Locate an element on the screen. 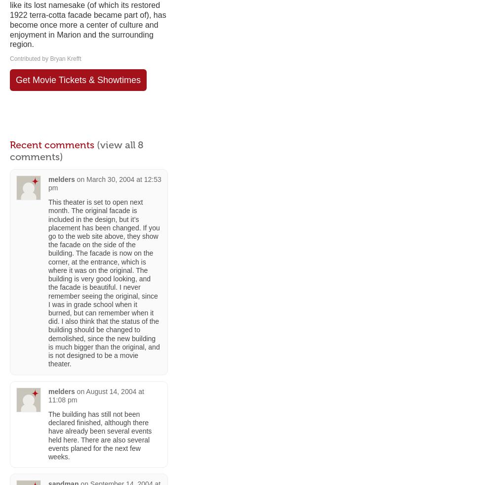 This screenshot has height=485, width=480. 'March 30, 2004 at 12:53 pm' is located at coordinates (104, 182).